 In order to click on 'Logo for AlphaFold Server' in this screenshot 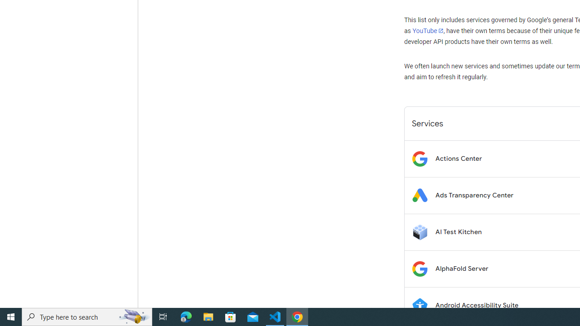, I will do `click(419, 268)`.